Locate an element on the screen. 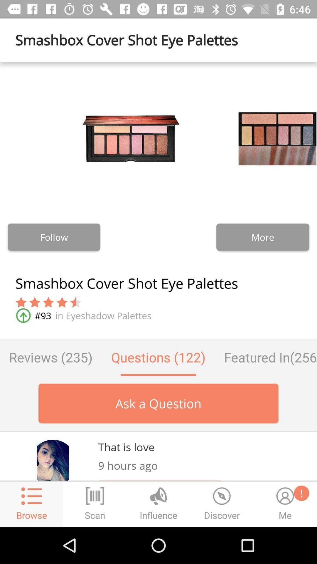 Image resolution: width=317 pixels, height=564 pixels. the time icon is located at coordinates (222, 504).